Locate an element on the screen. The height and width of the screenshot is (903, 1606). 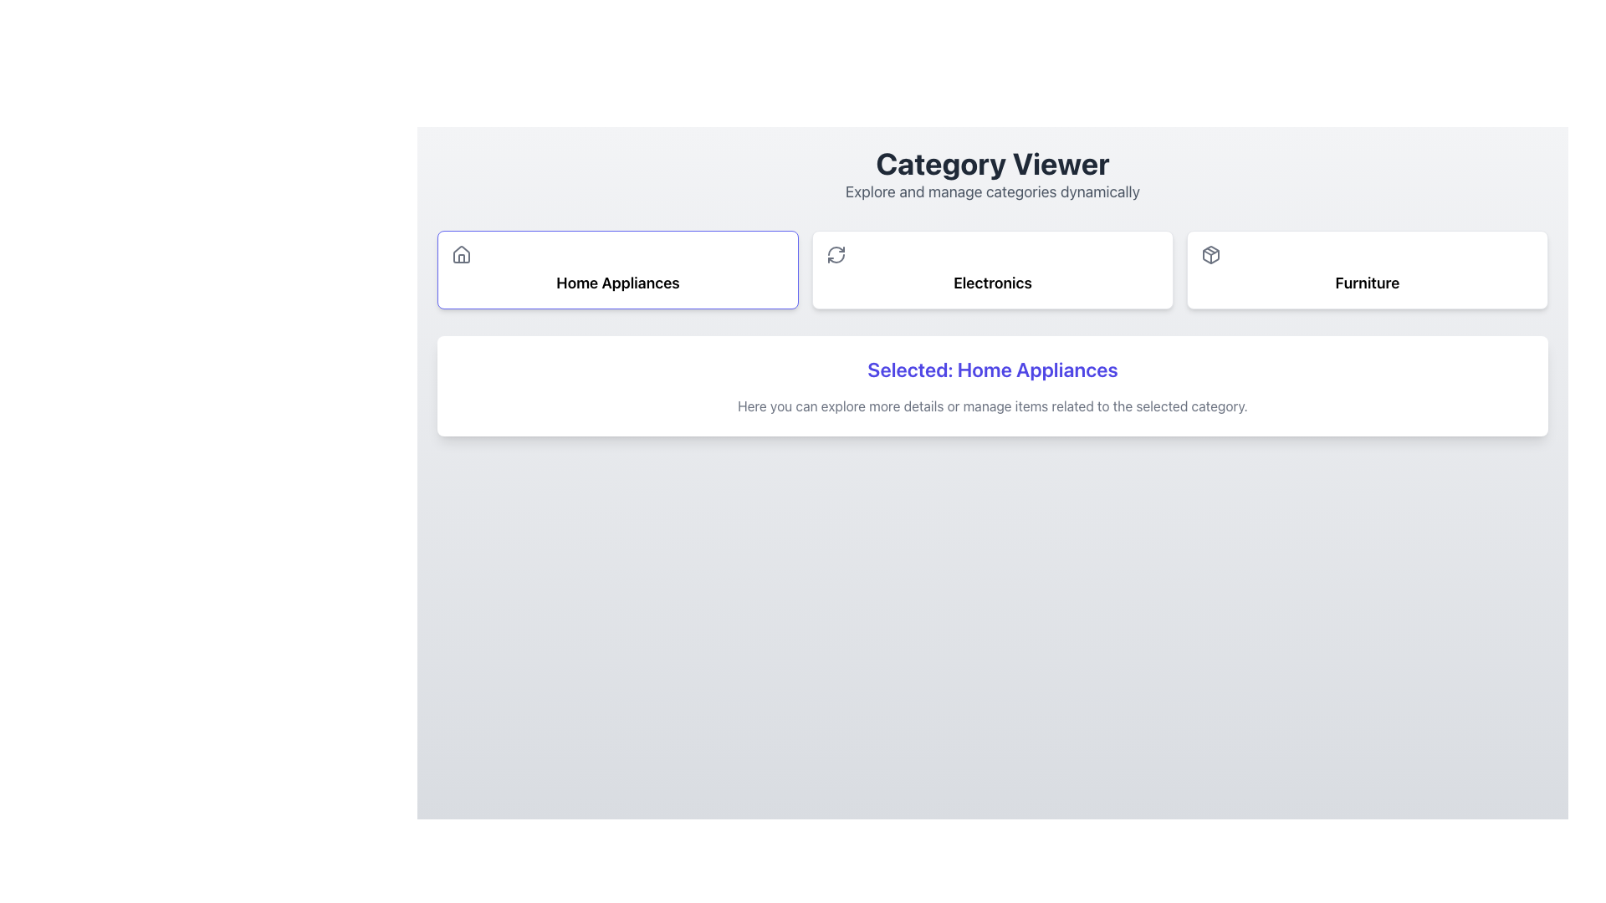
the interactive card labeled 'Electronics' is located at coordinates (992, 269).